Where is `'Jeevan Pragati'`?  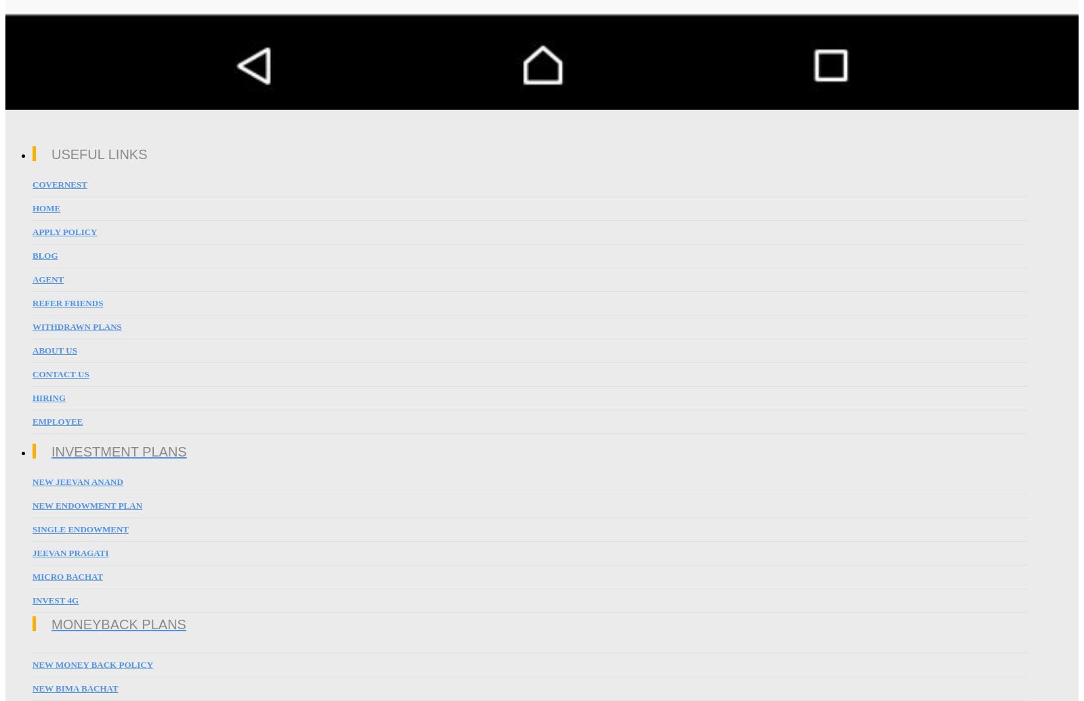
'Jeevan Pragati' is located at coordinates (70, 552).